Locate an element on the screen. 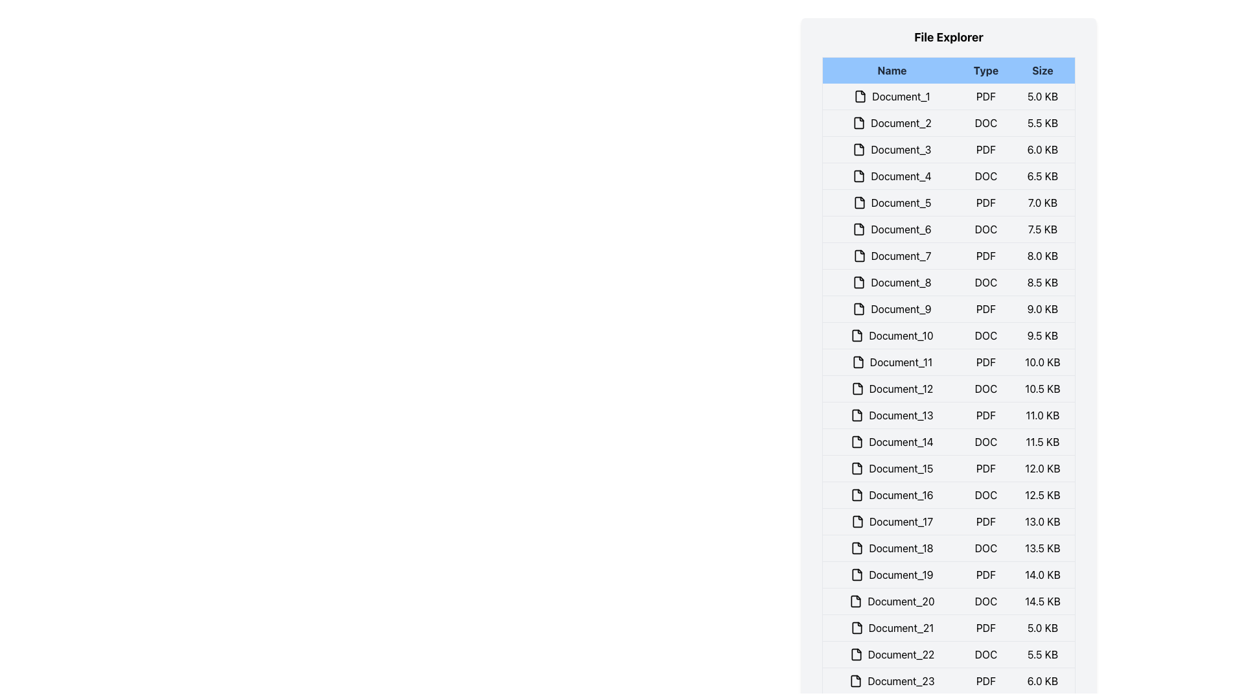 The height and width of the screenshot is (700, 1244). the file type icon located to the left of 'Document_2' in the second row of the file listing is located at coordinates (859, 122).